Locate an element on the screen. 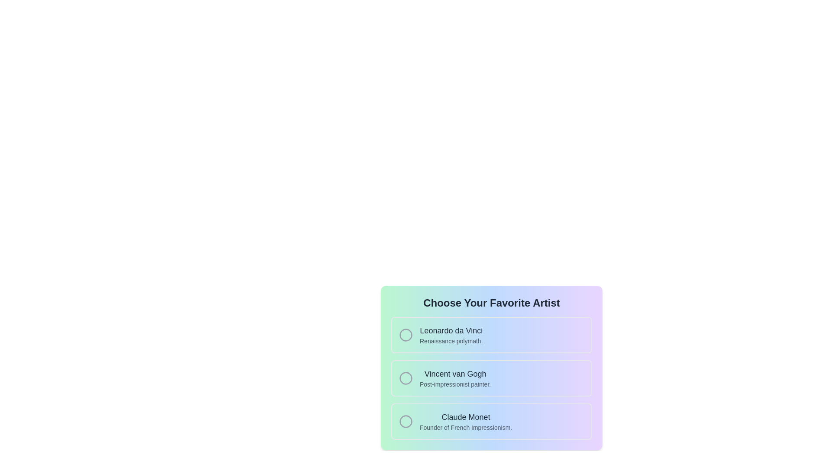  the circular radio button indicator for the 'Claude Monet' option is located at coordinates (405, 421).